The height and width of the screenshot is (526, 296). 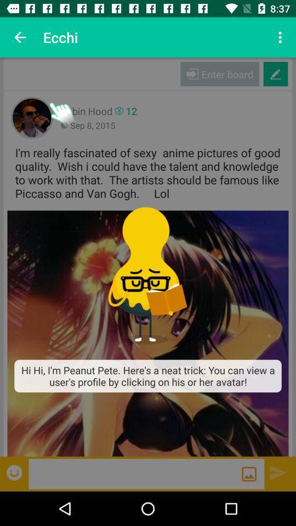 What do you see at coordinates (15, 472) in the screenshot?
I see `item at the bottom left corner` at bounding box center [15, 472].